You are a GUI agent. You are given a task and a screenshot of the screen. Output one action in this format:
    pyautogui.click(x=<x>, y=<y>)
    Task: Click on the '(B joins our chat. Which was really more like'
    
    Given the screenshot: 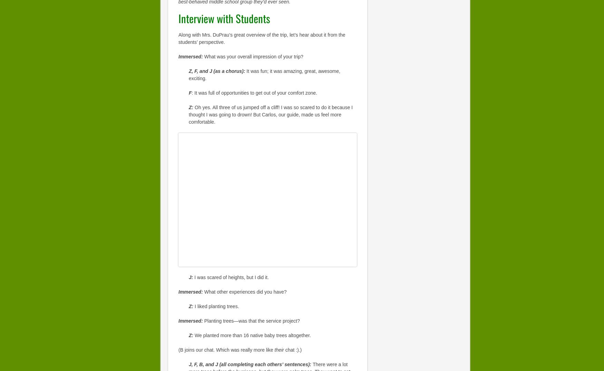 What is the action you would take?
    pyautogui.click(x=226, y=349)
    